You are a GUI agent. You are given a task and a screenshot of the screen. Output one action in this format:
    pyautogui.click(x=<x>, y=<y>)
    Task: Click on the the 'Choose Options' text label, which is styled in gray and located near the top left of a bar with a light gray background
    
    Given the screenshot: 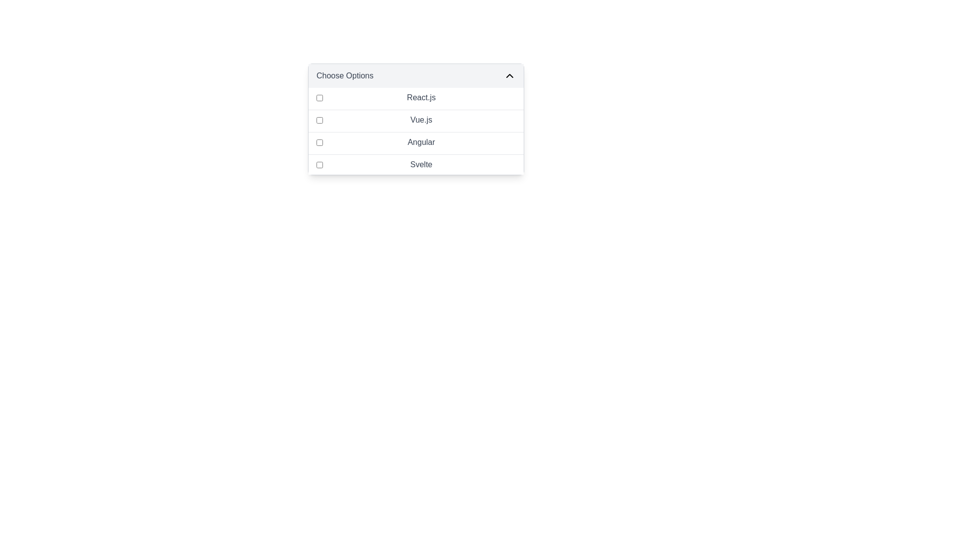 What is the action you would take?
    pyautogui.click(x=345, y=75)
    